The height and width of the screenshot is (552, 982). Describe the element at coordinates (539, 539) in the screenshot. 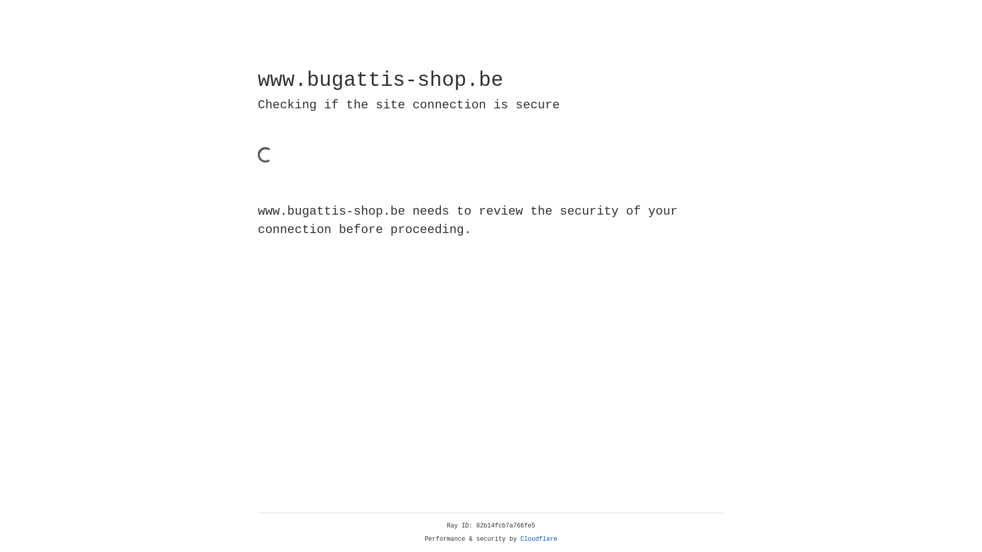

I see `'Cloudflare'` at that location.